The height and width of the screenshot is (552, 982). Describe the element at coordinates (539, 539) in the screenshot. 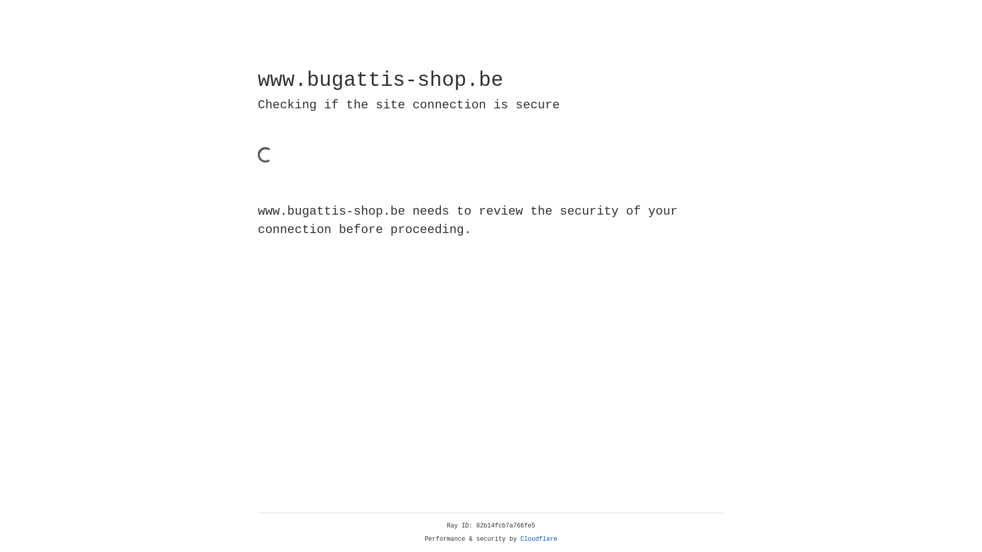

I see `'Cloudflare'` at that location.